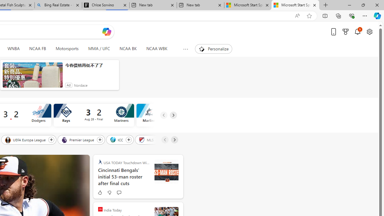 Image resolution: width=384 pixels, height=216 pixels. I want to click on 'Personalize', so click(213, 49).